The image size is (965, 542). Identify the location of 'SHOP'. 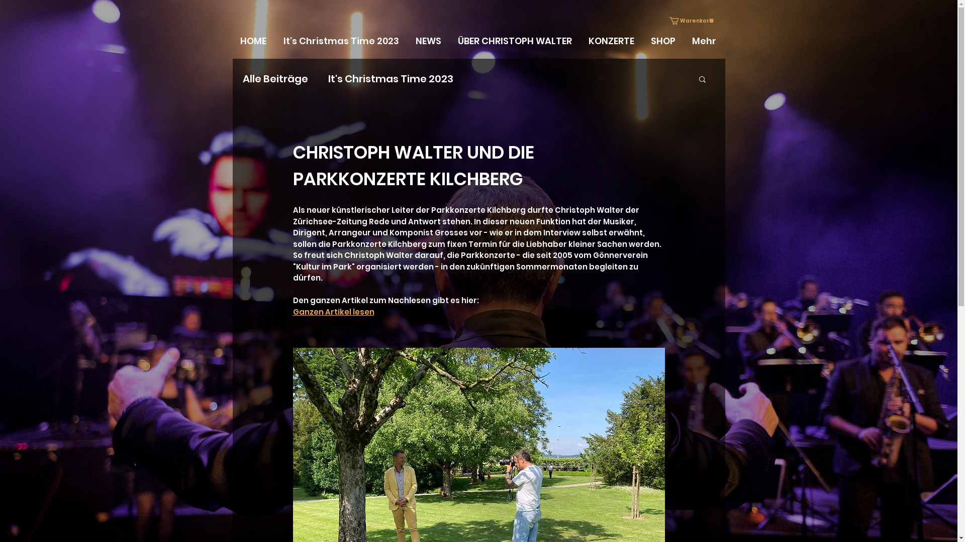
(663, 40).